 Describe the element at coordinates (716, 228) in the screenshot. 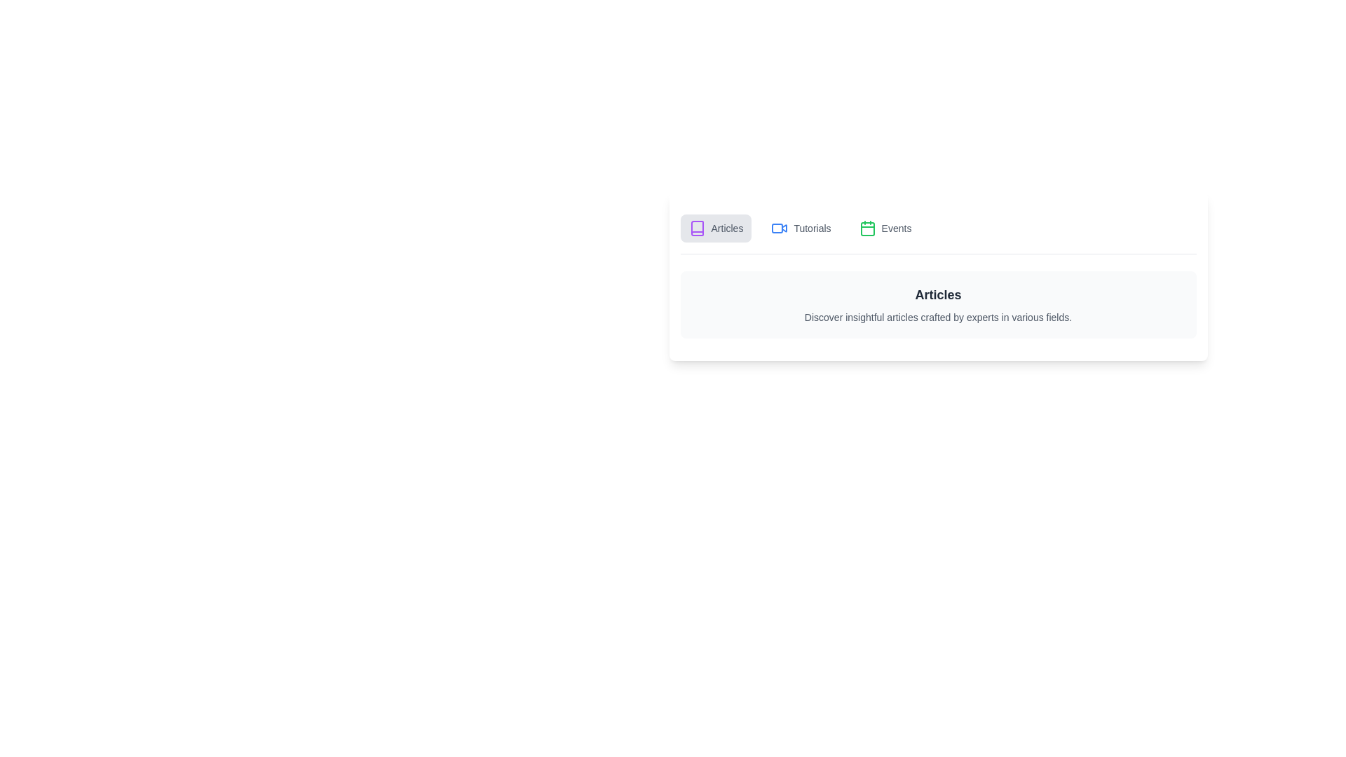

I see `the tab corresponding to Articles` at that location.